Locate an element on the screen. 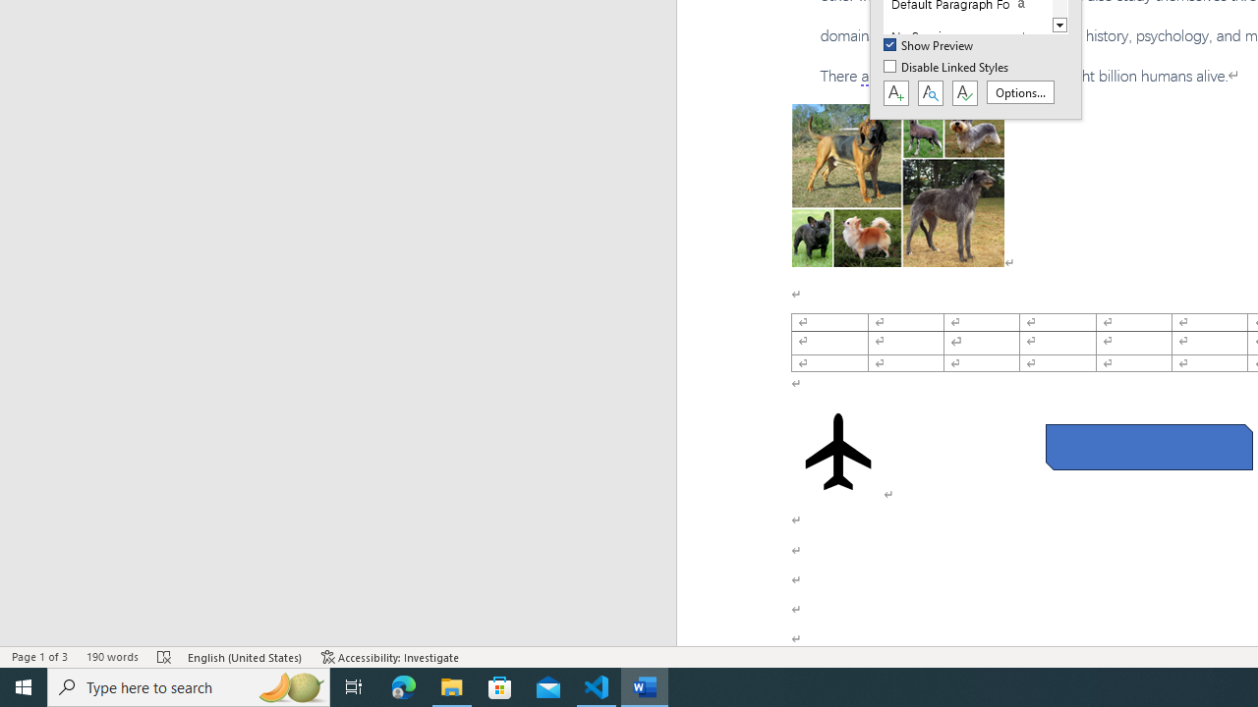  'Show Preview' is located at coordinates (929, 45).